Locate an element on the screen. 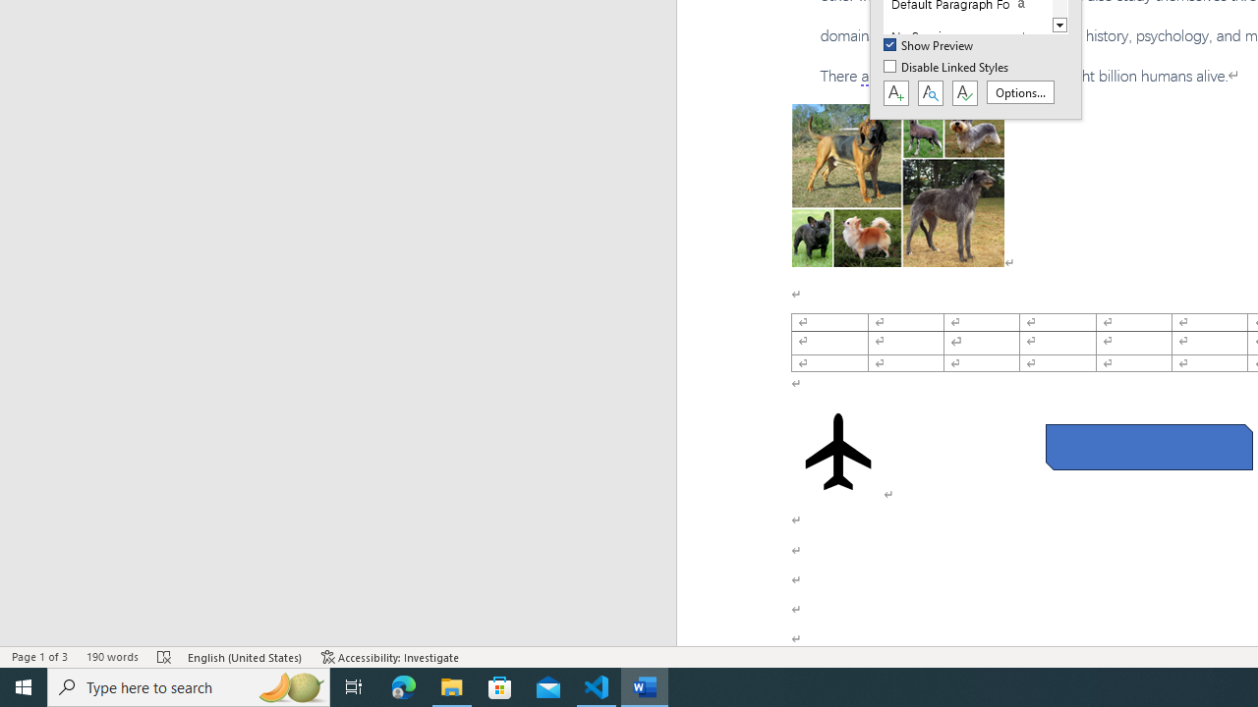  'Show Preview' is located at coordinates (929, 45).